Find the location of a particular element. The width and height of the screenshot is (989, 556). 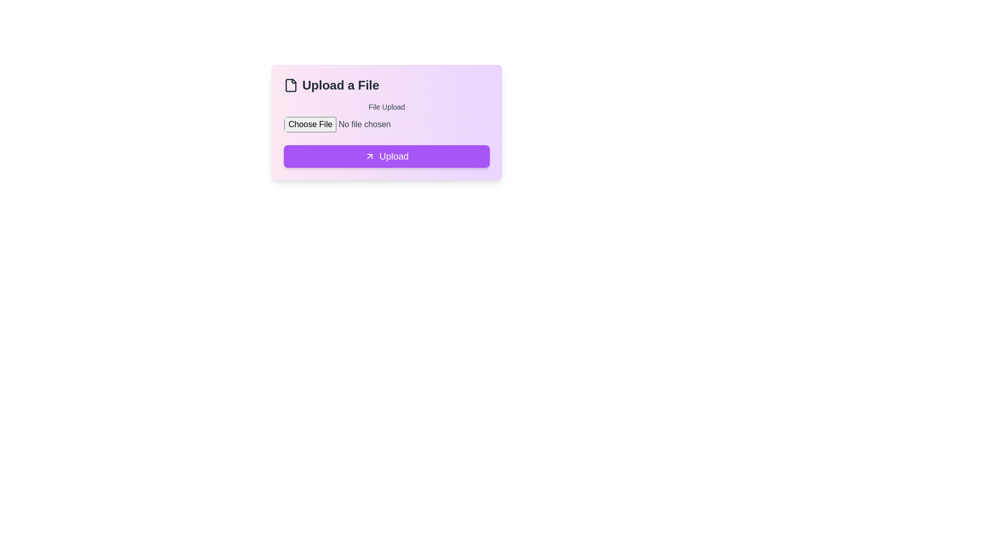

the compact document icon located to the left of the 'Upload a File' text in the heading area is located at coordinates (291, 84).